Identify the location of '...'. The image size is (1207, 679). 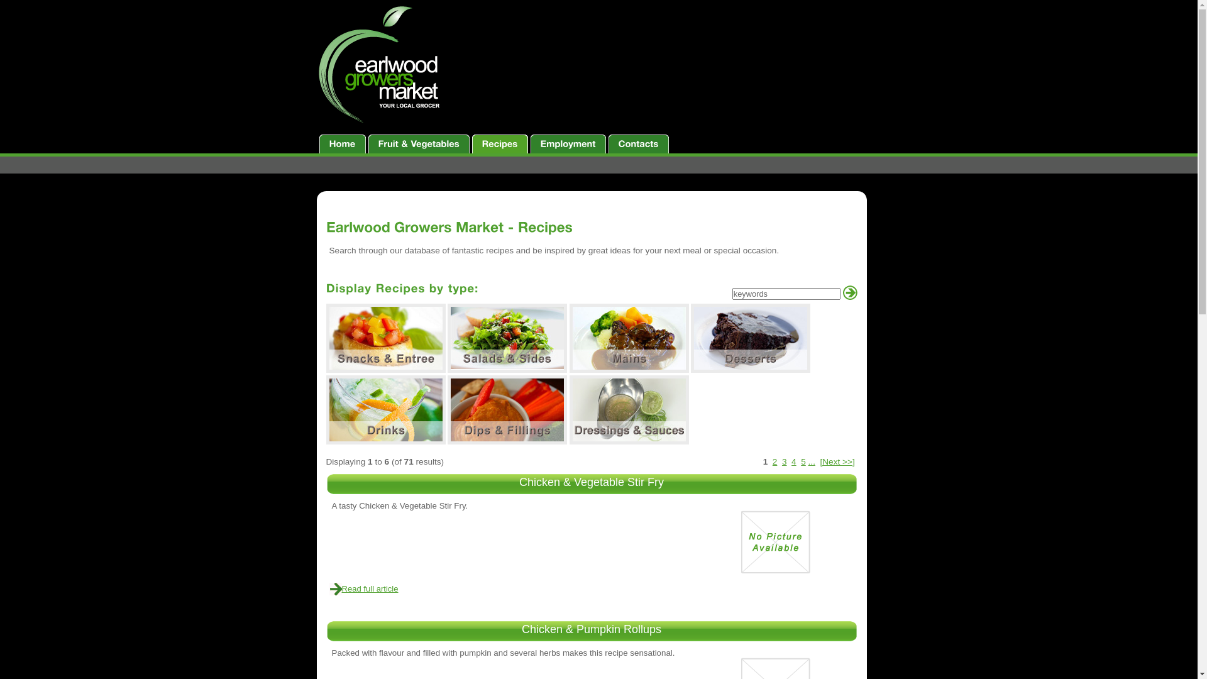
(812, 461).